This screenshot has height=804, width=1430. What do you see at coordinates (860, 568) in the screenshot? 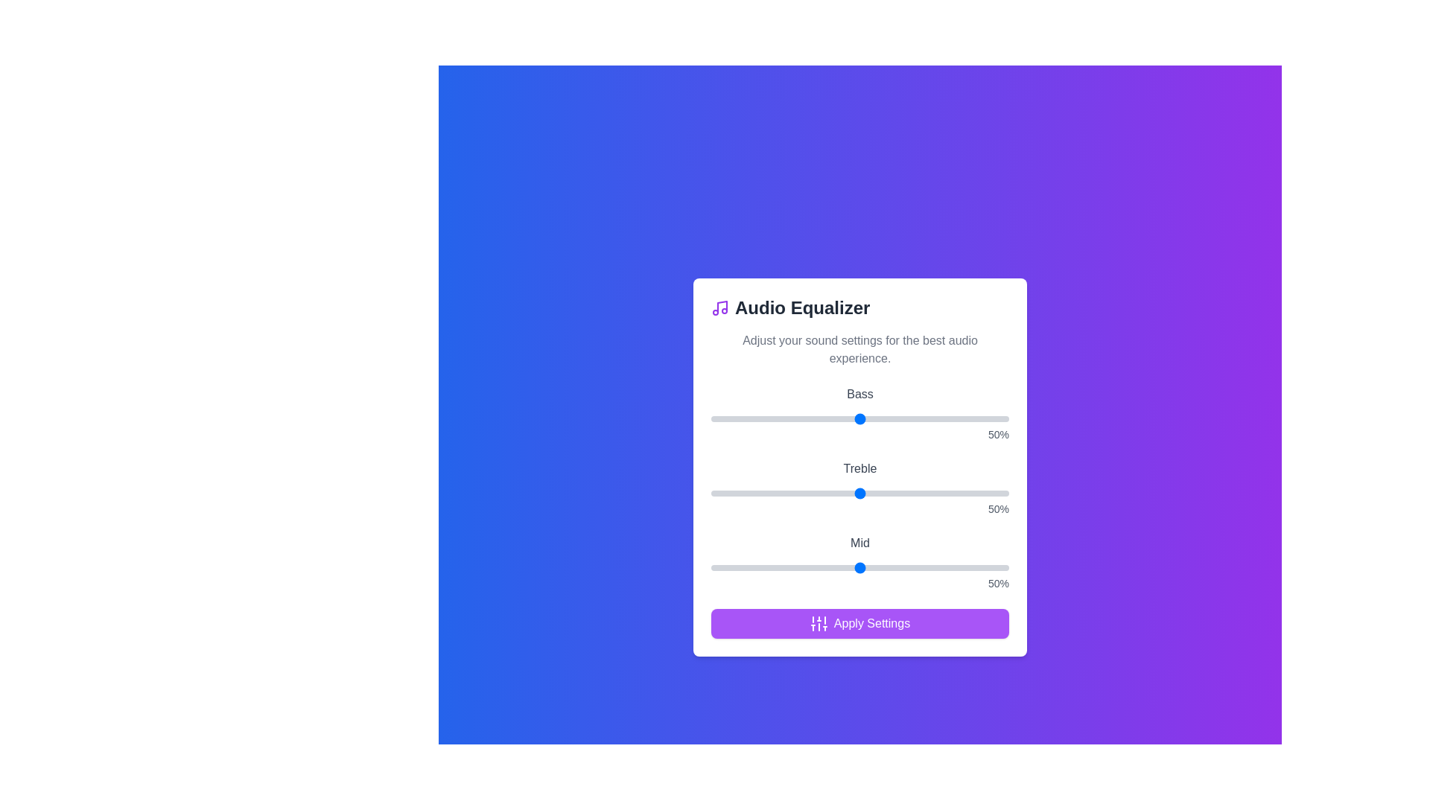
I see `the 'Mid' slider to 50%` at bounding box center [860, 568].